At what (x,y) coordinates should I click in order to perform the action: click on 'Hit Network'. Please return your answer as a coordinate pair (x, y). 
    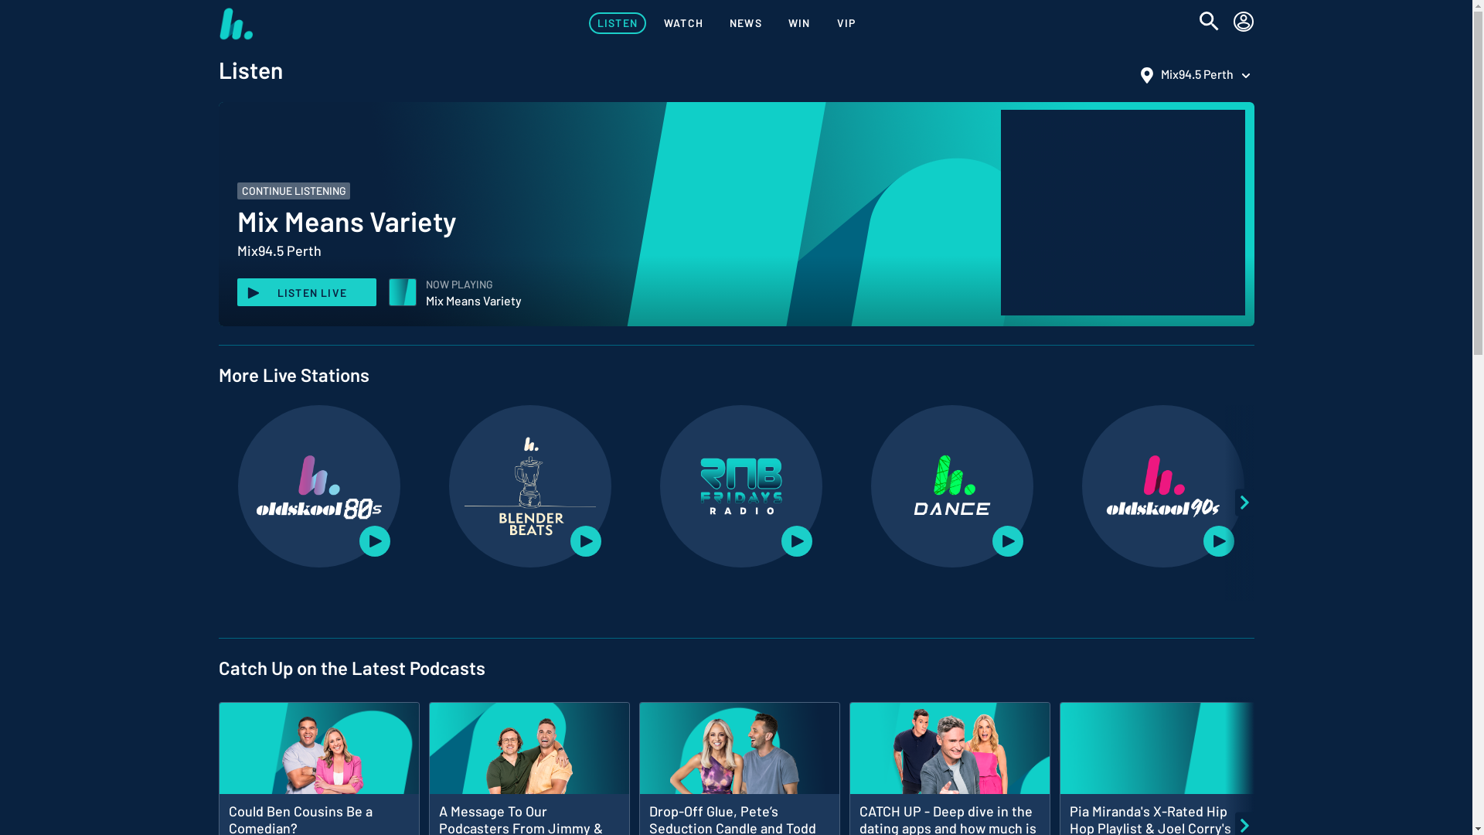
    Looking at the image, I should click on (234, 23).